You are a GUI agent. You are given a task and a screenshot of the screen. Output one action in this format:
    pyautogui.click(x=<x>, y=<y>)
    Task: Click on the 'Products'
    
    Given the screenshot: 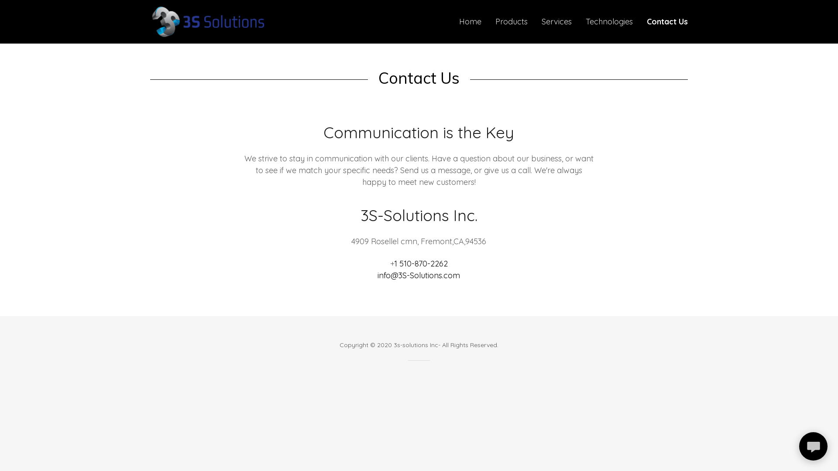 What is the action you would take?
    pyautogui.click(x=511, y=21)
    